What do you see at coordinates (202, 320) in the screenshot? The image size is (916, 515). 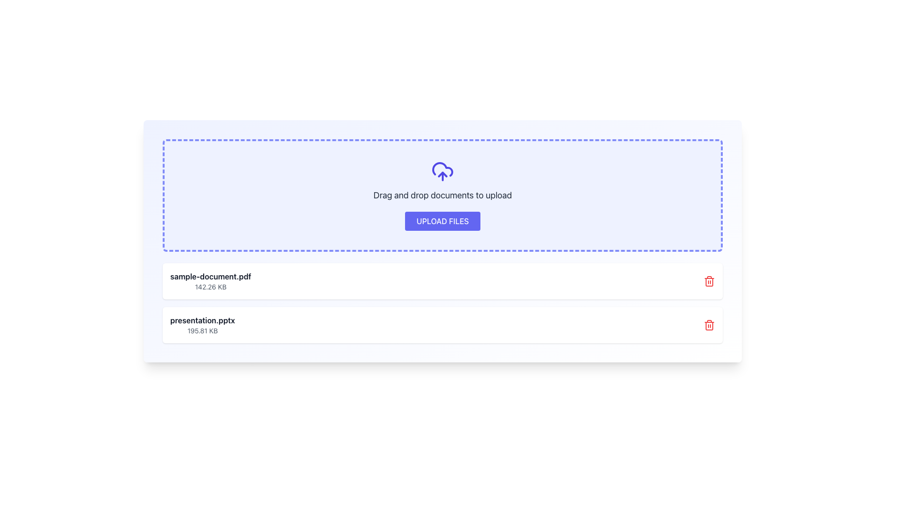 I see `the text label displaying the file name in the list of uploaded documents` at bounding box center [202, 320].